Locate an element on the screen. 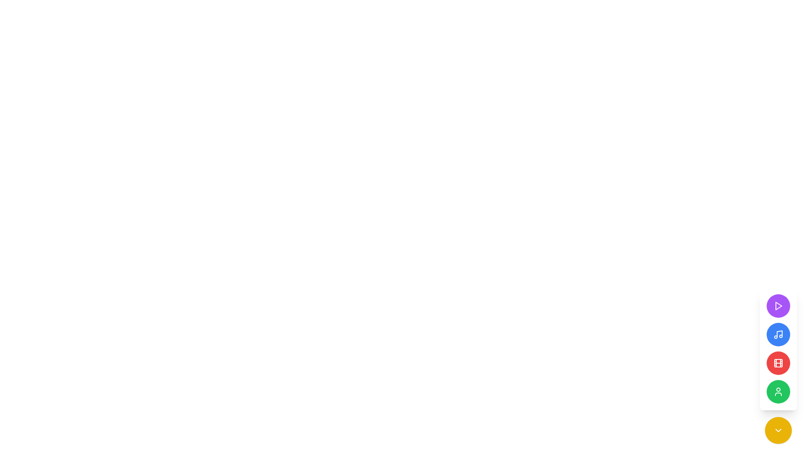 This screenshot has height=454, width=807. the music icon button represented by a musical note within a blue circular button is located at coordinates (778, 334).